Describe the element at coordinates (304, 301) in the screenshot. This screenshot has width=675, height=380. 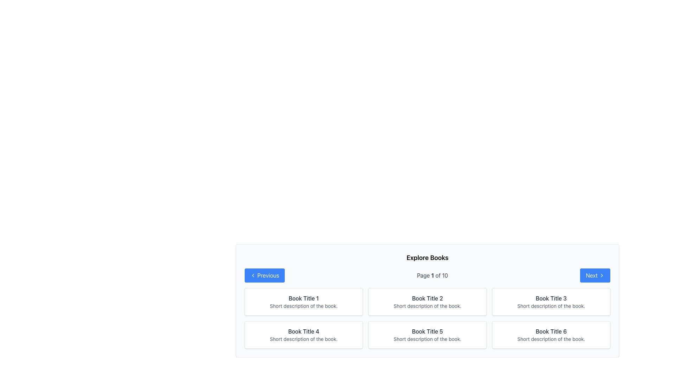
I see `the book display card located in the top-left corner of the first row of the grid layout` at that location.